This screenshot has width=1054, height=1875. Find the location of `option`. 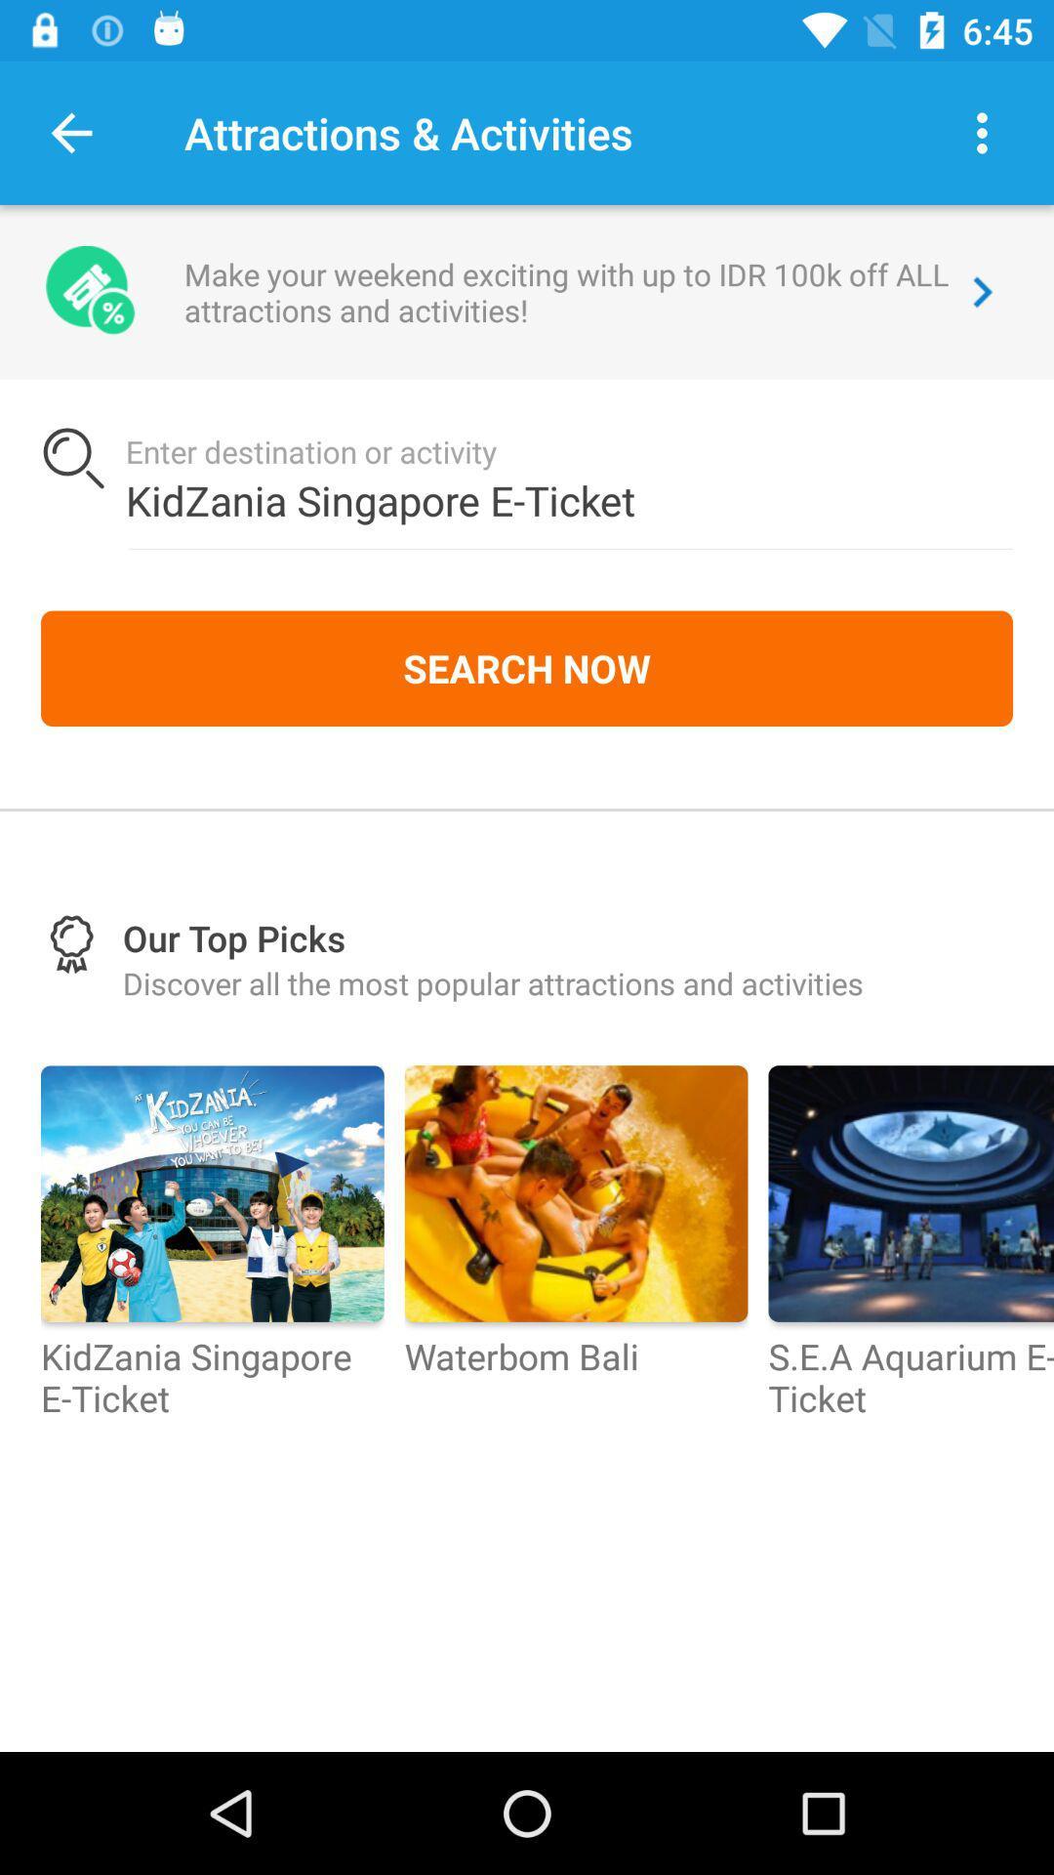

option is located at coordinates (982, 132).